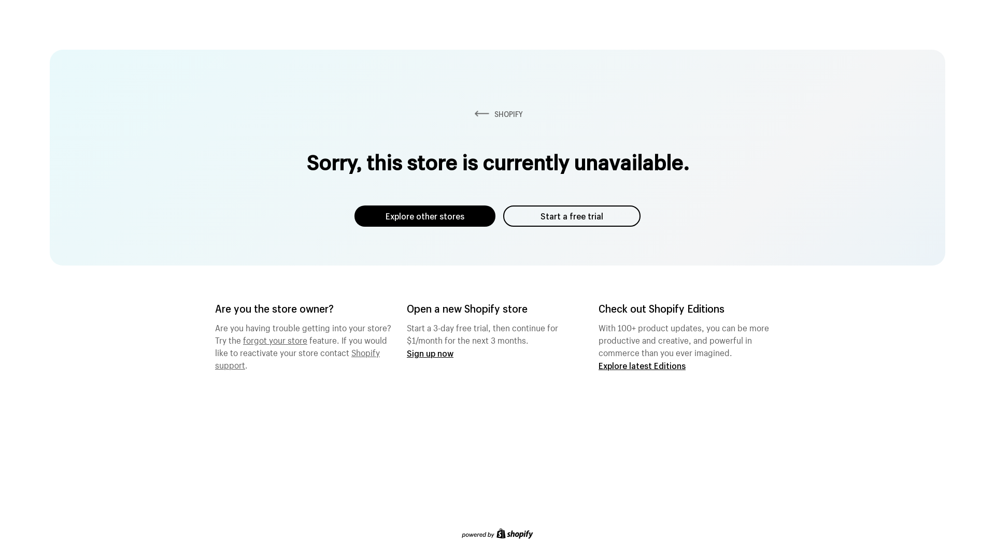 The image size is (995, 559). I want to click on 'Explore latest Editions', so click(641, 365).